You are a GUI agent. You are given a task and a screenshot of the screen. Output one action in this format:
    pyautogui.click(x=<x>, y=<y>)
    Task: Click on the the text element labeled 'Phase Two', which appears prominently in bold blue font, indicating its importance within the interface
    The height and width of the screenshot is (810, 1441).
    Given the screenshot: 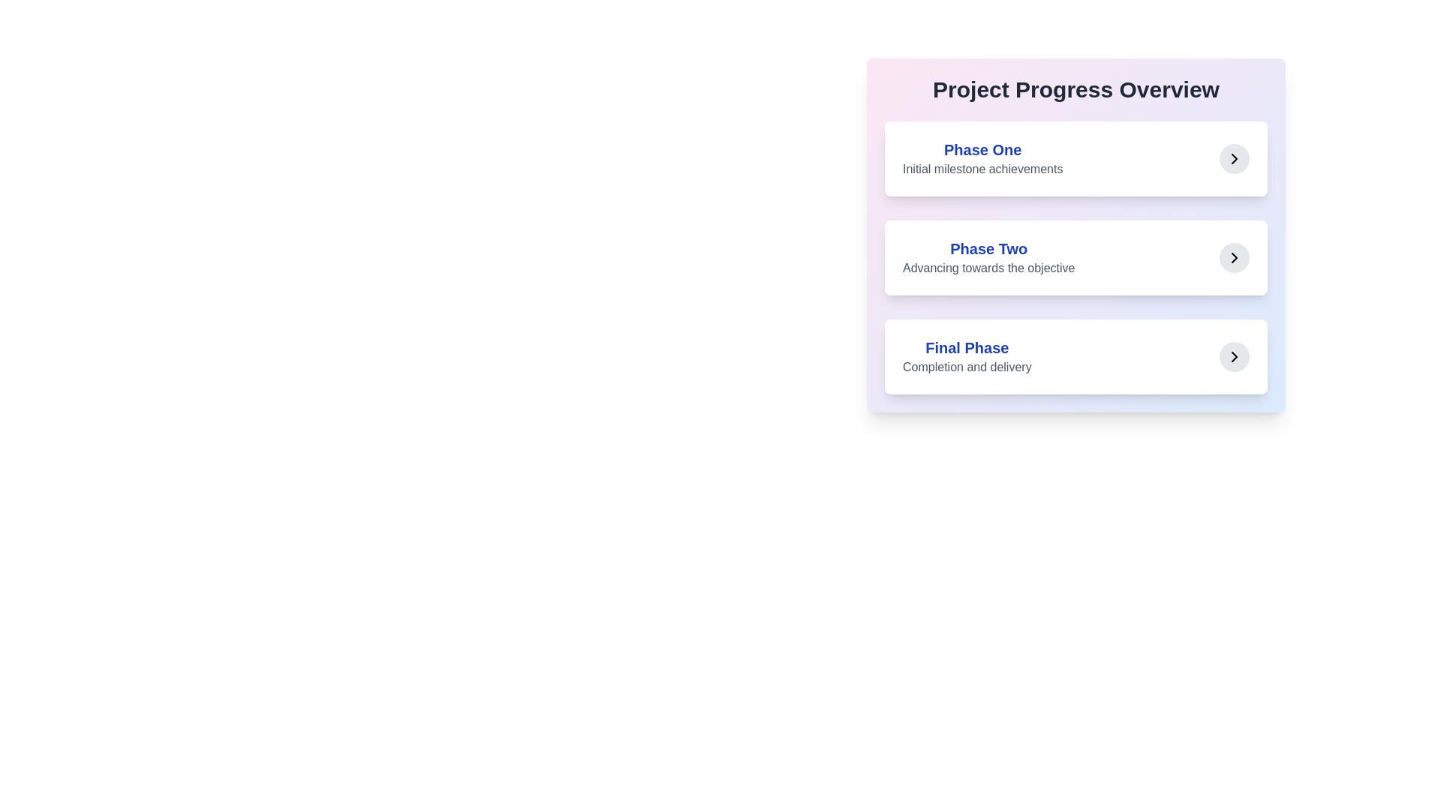 What is the action you would take?
    pyautogui.click(x=988, y=247)
    